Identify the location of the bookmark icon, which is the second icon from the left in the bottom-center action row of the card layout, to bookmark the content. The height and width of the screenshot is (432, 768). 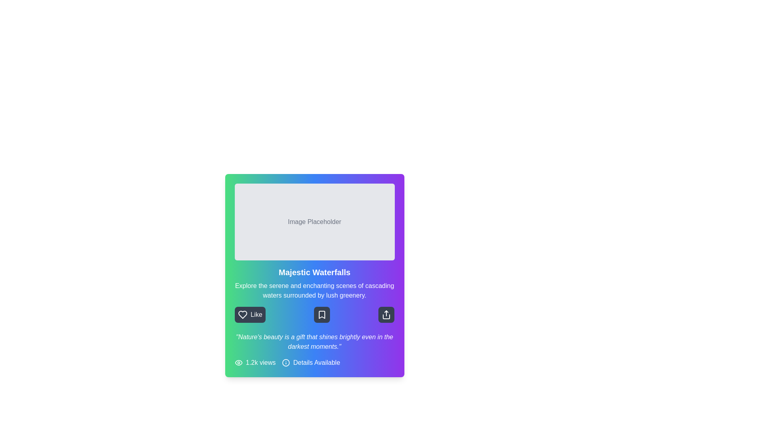
(322, 314).